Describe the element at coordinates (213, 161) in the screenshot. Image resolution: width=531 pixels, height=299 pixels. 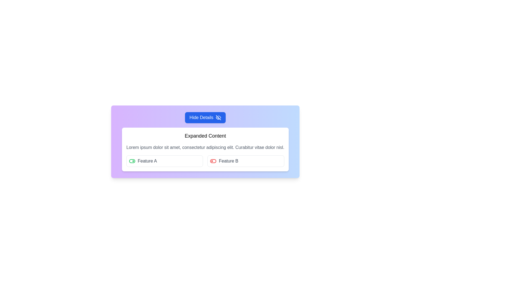
I see `the toggle switch icon for 'Feature B'` at that location.